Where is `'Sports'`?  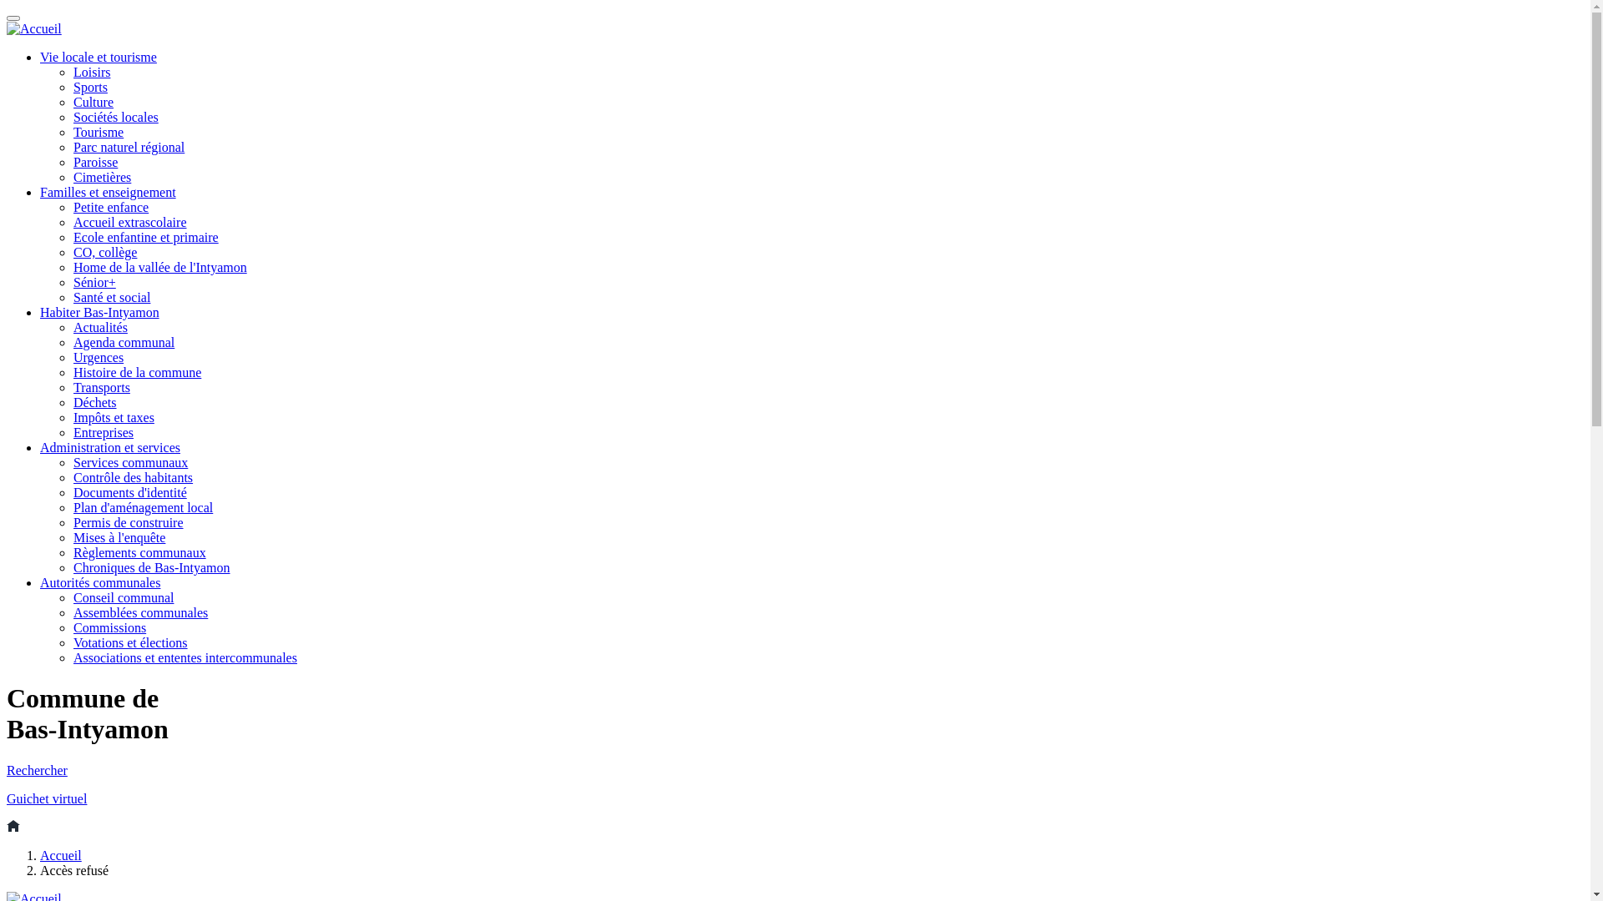
'Sports' is located at coordinates (72, 87).